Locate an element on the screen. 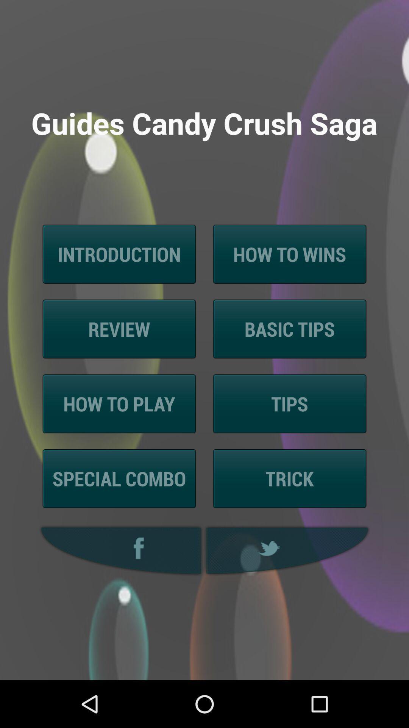 The height and width of the screenshot is (728, 409). the basic tips icon is located at coordinates (289, 329).